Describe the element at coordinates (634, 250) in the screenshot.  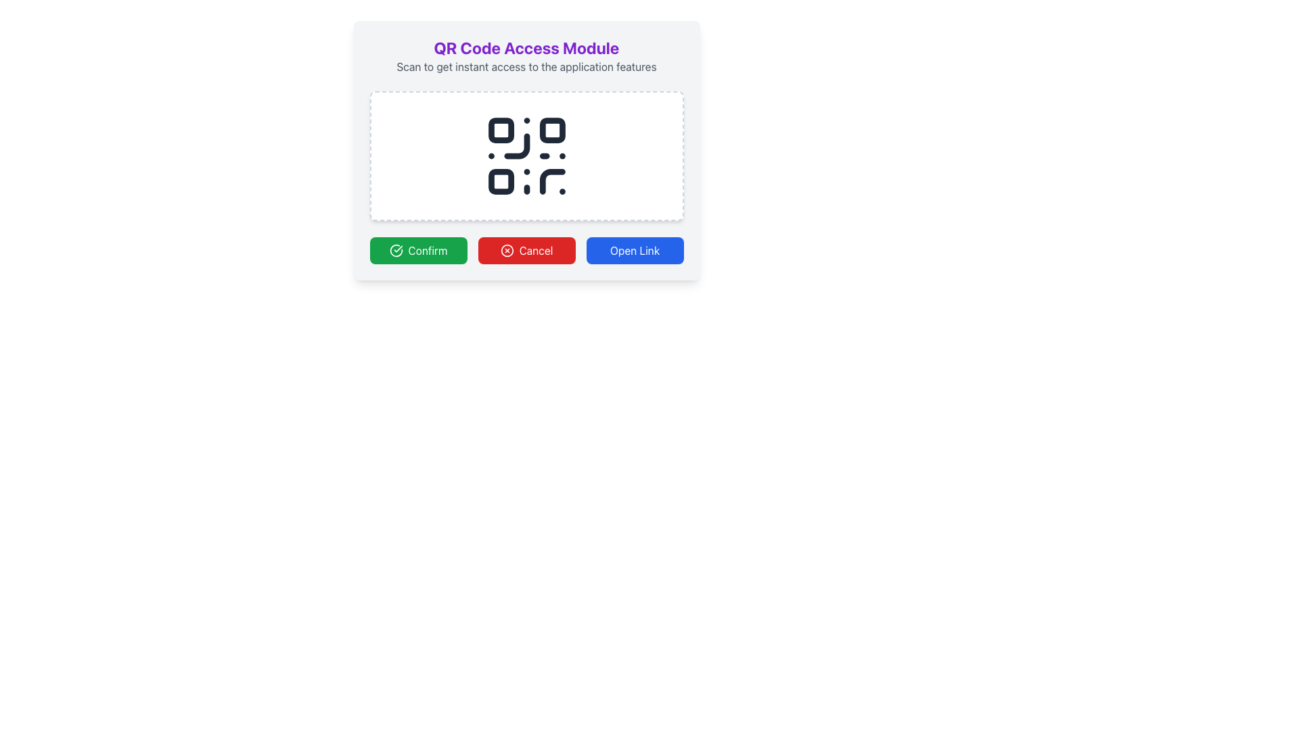
I see `the 'Open Link' button, which is a bright blue rectangular button with white bold text, located to the right of the 'Cancel' and 'Confirm' buttons` at that location.